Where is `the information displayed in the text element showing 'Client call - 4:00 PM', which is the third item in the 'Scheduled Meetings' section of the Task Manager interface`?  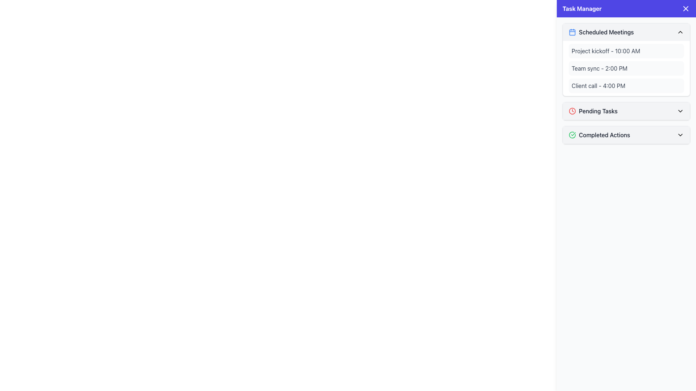
the information displayed in the text element showing 'Client call - 4:00 PM', which is the third item in the 'Scheduled Meetings' section of the Task Manager interface is located at coordinates (598, 85).